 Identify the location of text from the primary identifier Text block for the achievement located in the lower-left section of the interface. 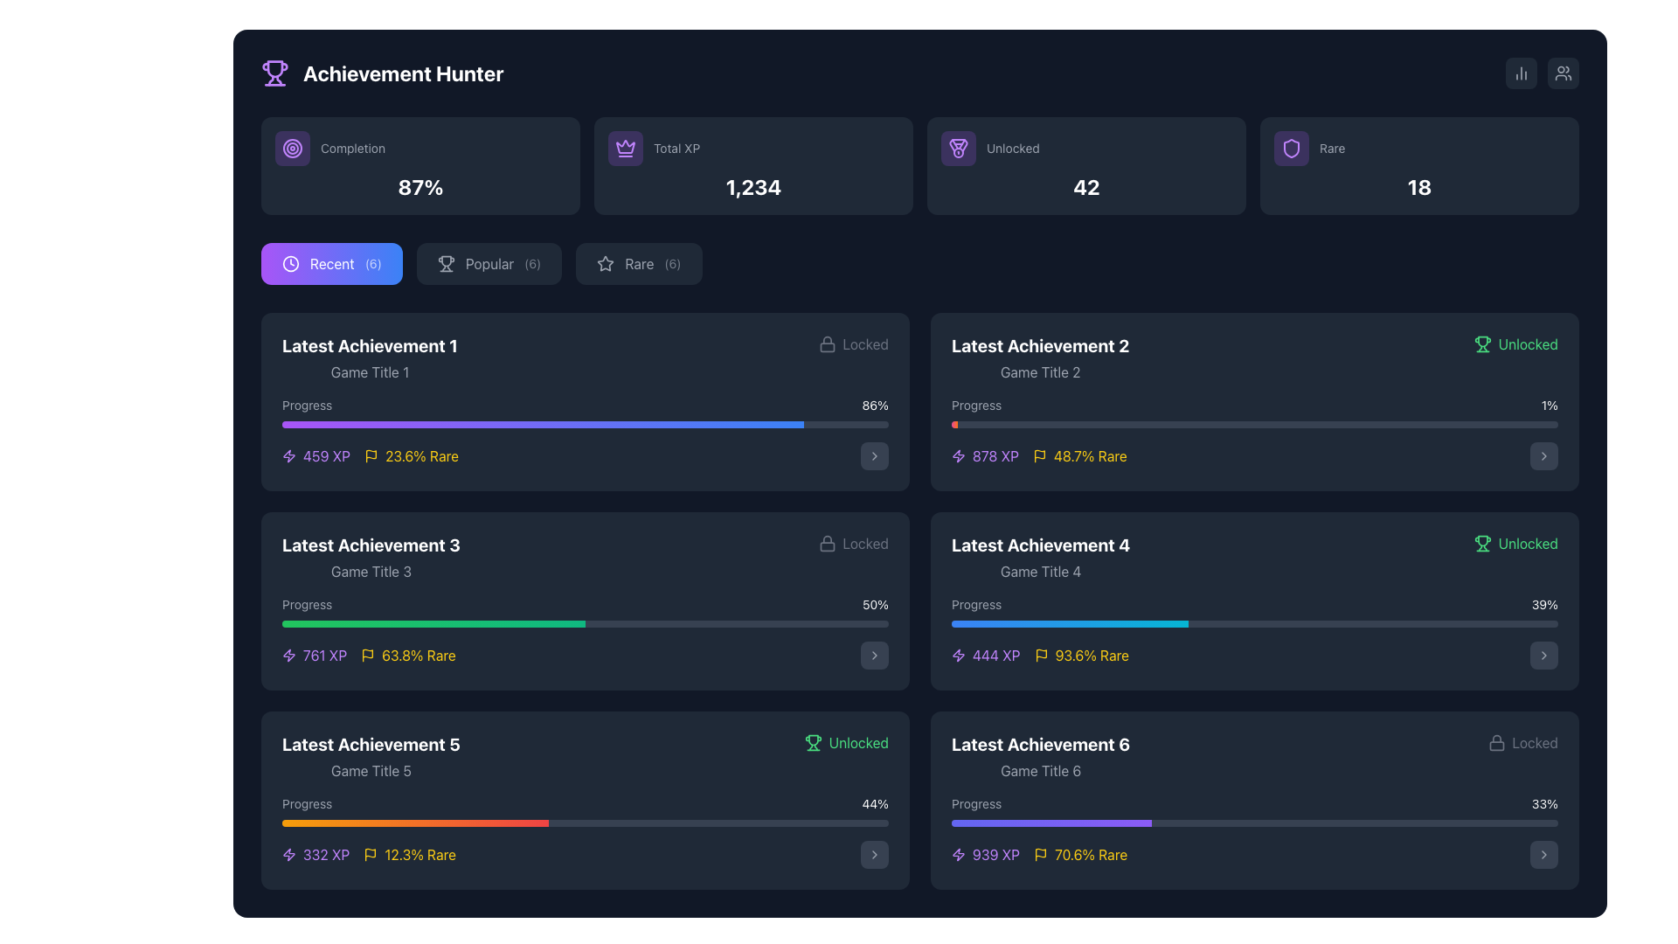
(370, 745).